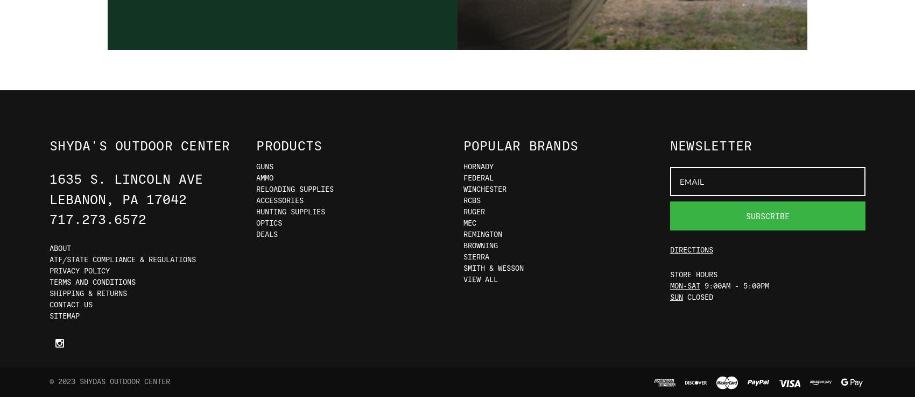 Image resolution: width=915 pixels, height=397 pixels. I want to click on 'Contact Us', so click(49, 304).